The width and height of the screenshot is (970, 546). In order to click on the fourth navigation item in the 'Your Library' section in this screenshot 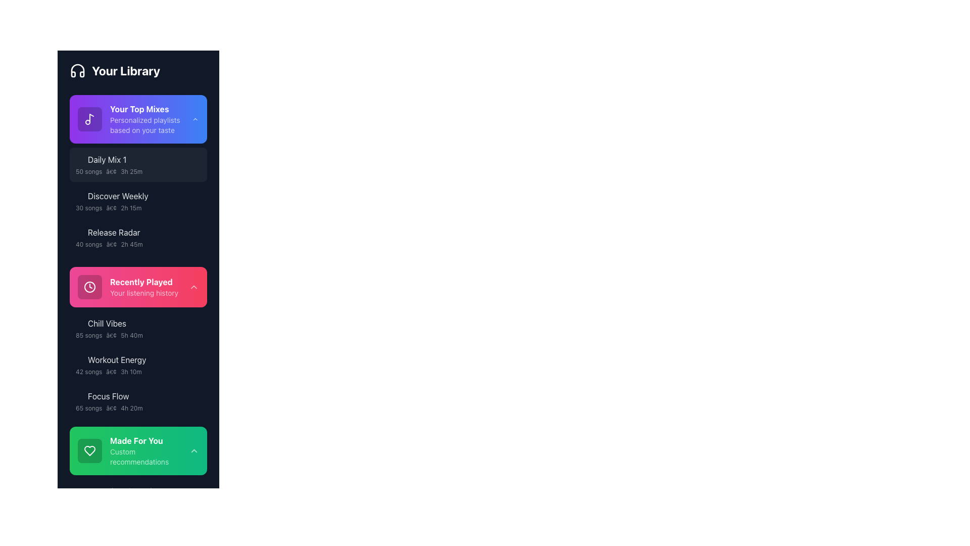, I will do `click(127, 287)`.